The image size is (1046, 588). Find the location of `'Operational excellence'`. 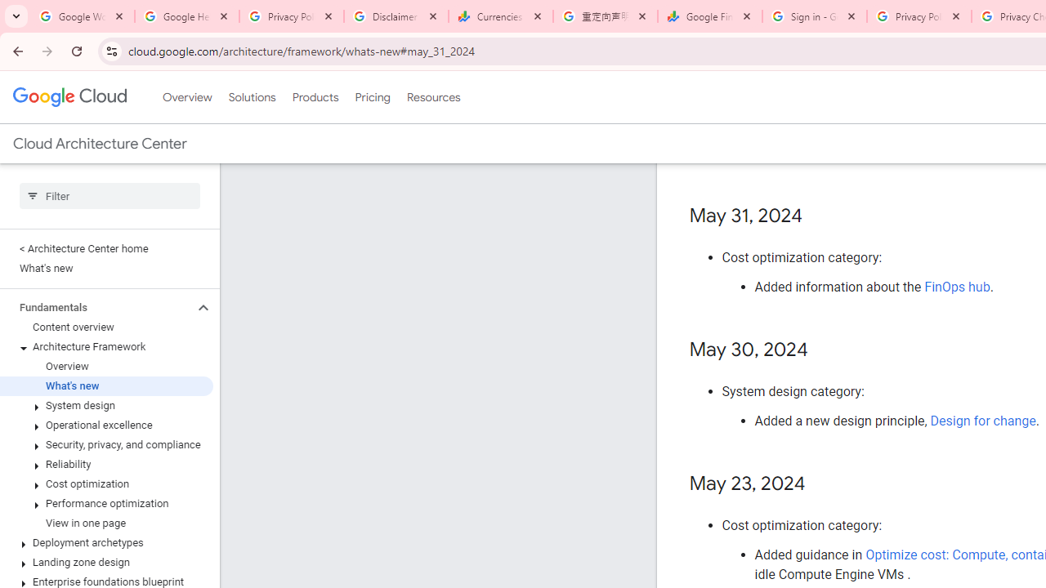

'Operational excellence' is located at coordinates (105, 424).